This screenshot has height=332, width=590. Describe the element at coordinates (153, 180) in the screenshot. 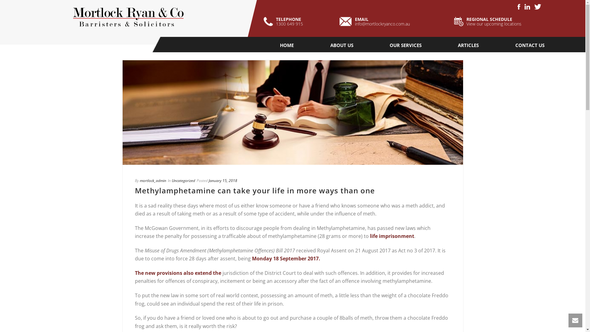

I see `'mortlock_admin'` at that location.